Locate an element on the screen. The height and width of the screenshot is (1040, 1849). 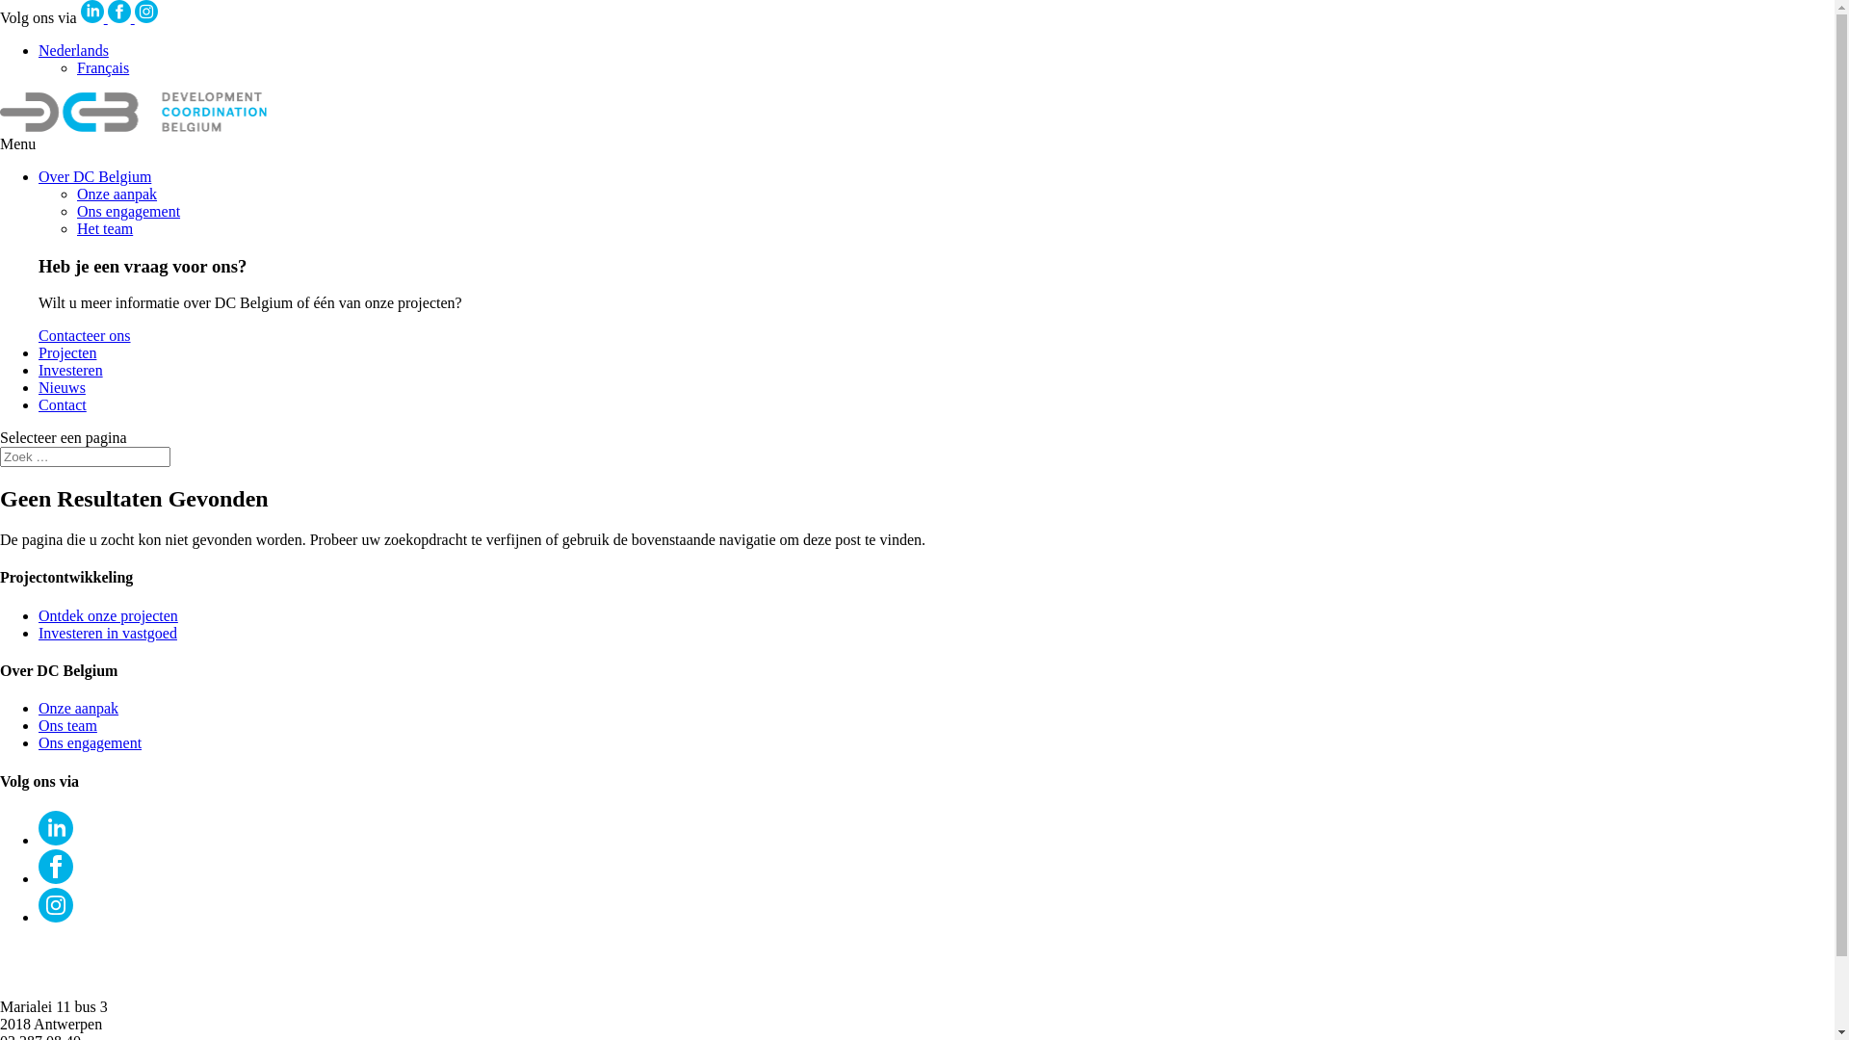
'Zoek naar:' is located at coordinates (0, 456).